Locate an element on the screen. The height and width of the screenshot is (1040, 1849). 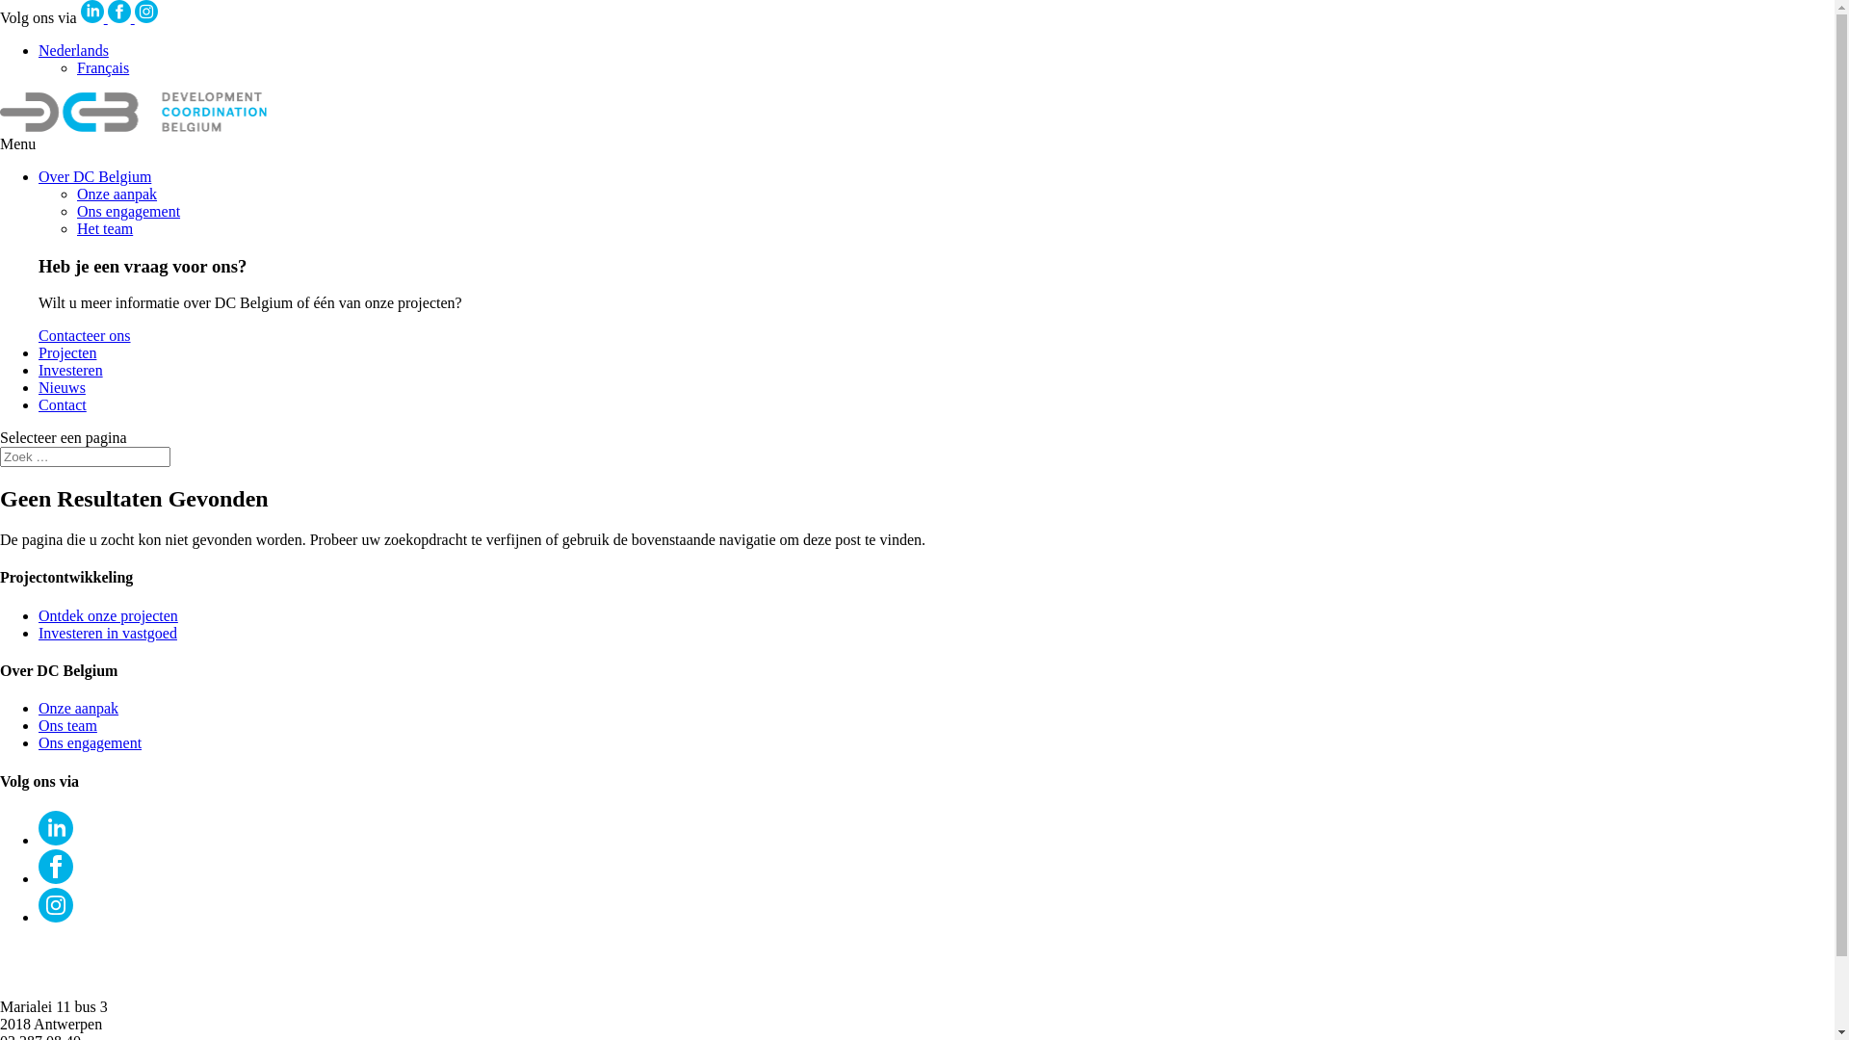
'Zoek naar:' is located at coordinates (0, 456).